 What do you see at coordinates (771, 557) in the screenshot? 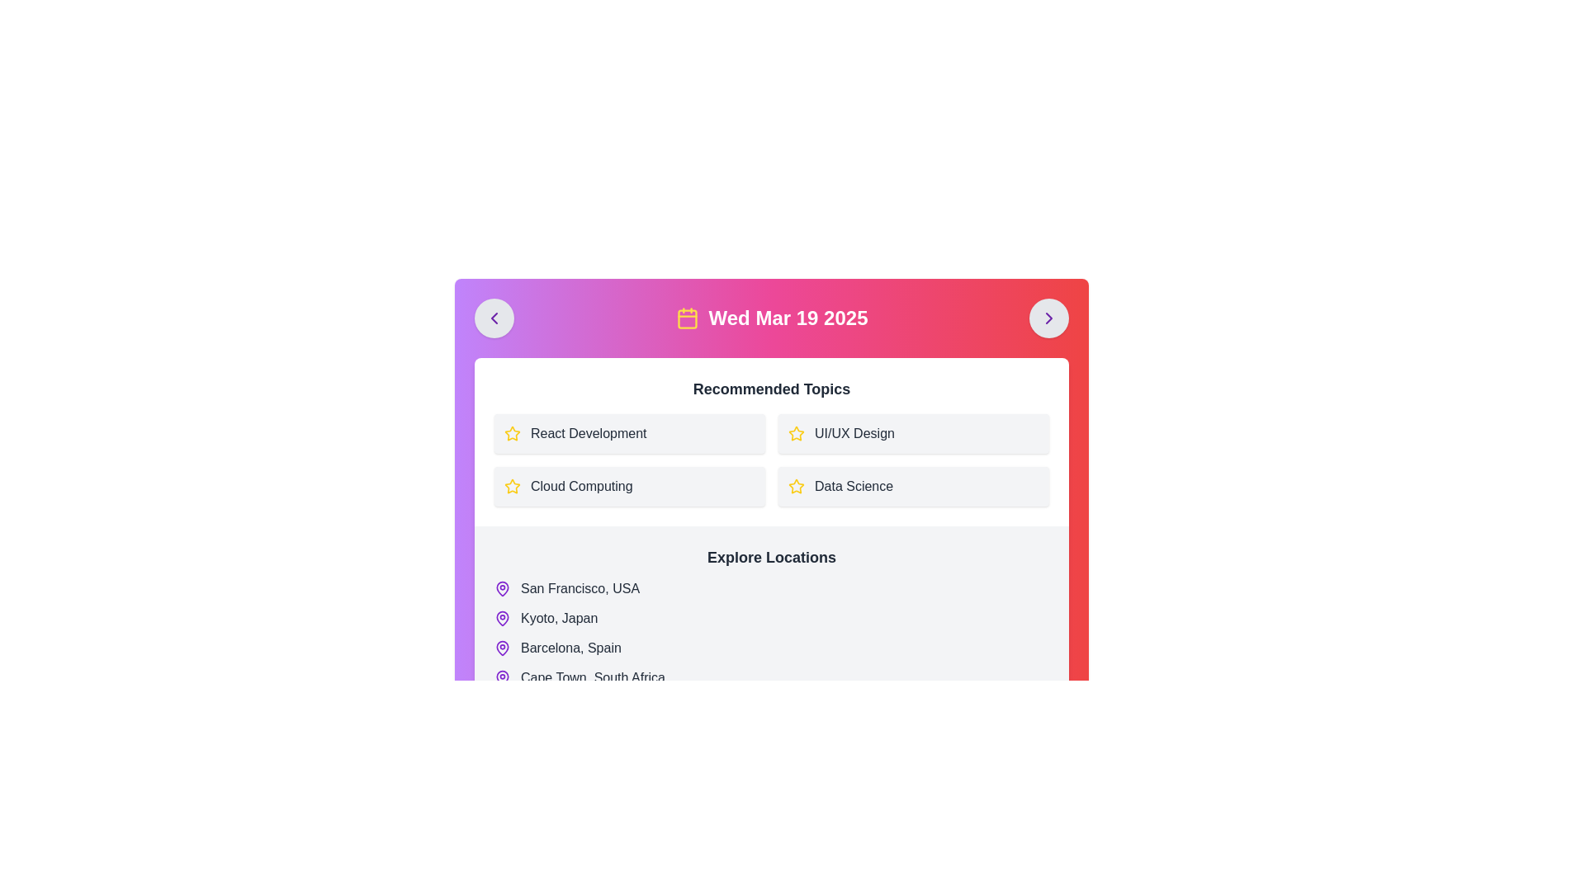
I see `the Text Label that serves as a title for the section about locations, indicating its purpose as an introduction to the content listed below` at bounding box center [771, 557].